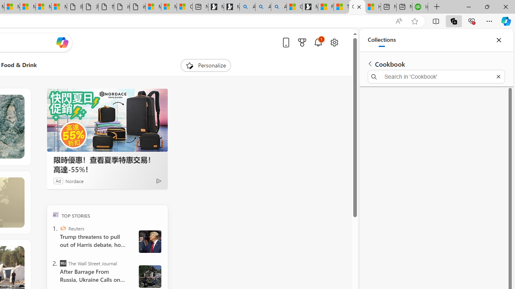  Describe the element at coordinates (247, 7) in the screenshot. I see `'Alabama high school quarterback dies - Search'` at that location.